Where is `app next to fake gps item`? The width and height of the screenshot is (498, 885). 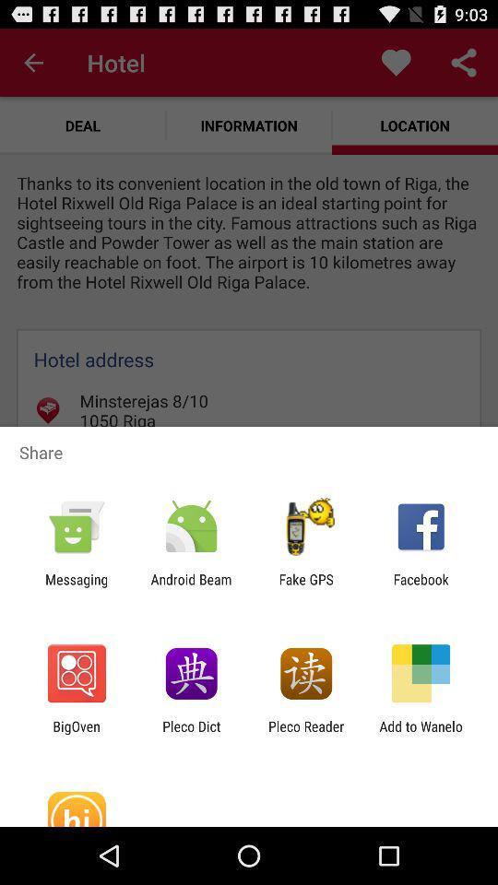 app next to fake gps item is located at coordinates (421, 586).